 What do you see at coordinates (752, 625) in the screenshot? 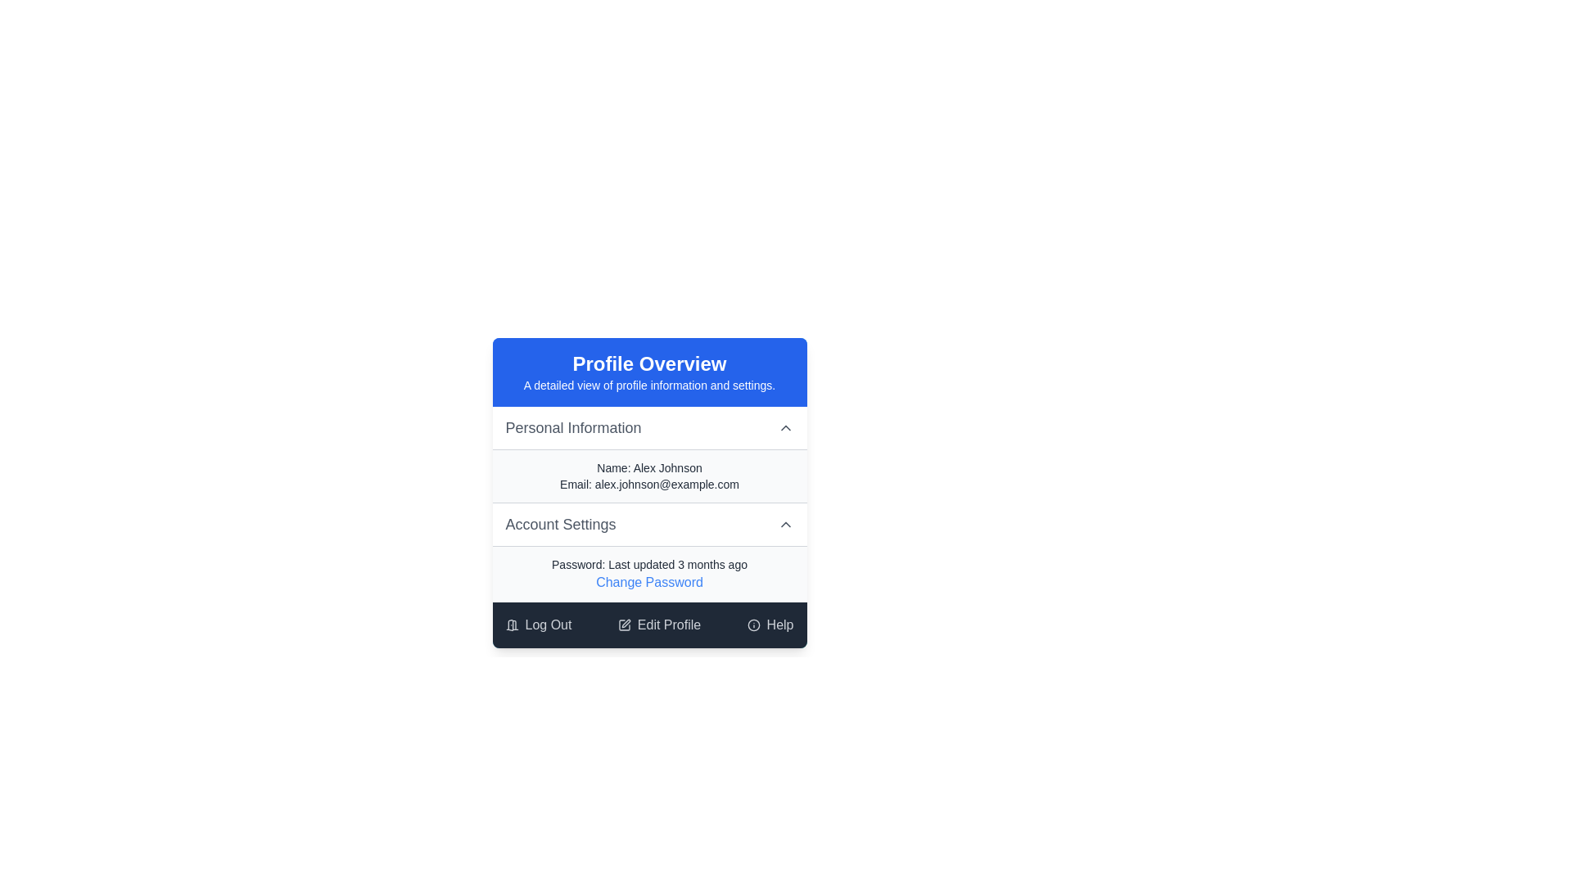
I see `the circular icon located in the bottom-right corner of the action bar, which is associated with the 'Help' button` at bounding box center [752, 625].